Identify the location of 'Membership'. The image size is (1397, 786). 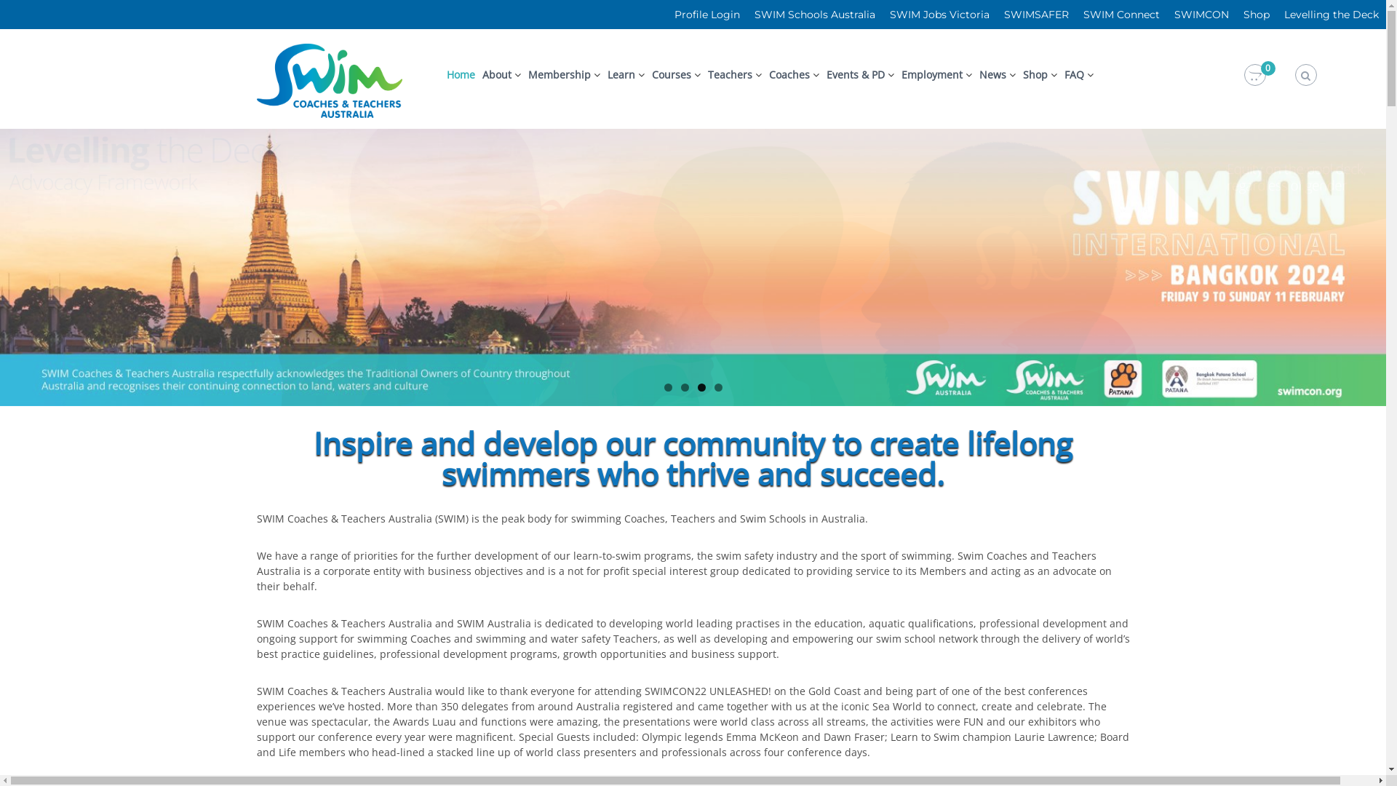
(558, 74).